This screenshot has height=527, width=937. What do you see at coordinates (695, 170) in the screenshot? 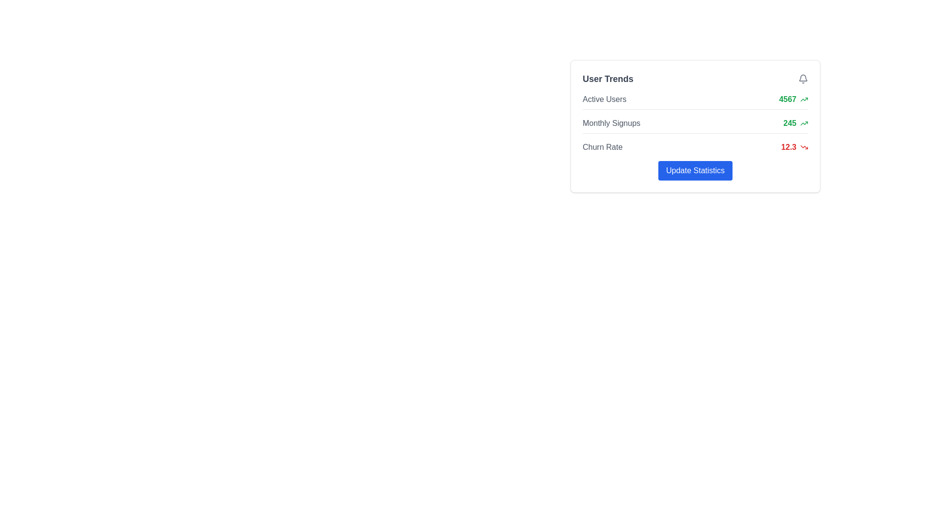
I see `the 'Update Statistics' button, which has a vibrant blue background and white text, located at the bottom of the 'User Trends' card` at bounding box center [695, 170].